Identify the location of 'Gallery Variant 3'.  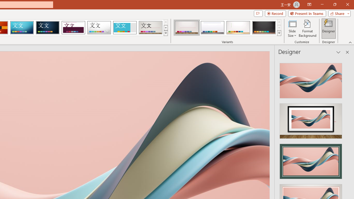
(238, 28).